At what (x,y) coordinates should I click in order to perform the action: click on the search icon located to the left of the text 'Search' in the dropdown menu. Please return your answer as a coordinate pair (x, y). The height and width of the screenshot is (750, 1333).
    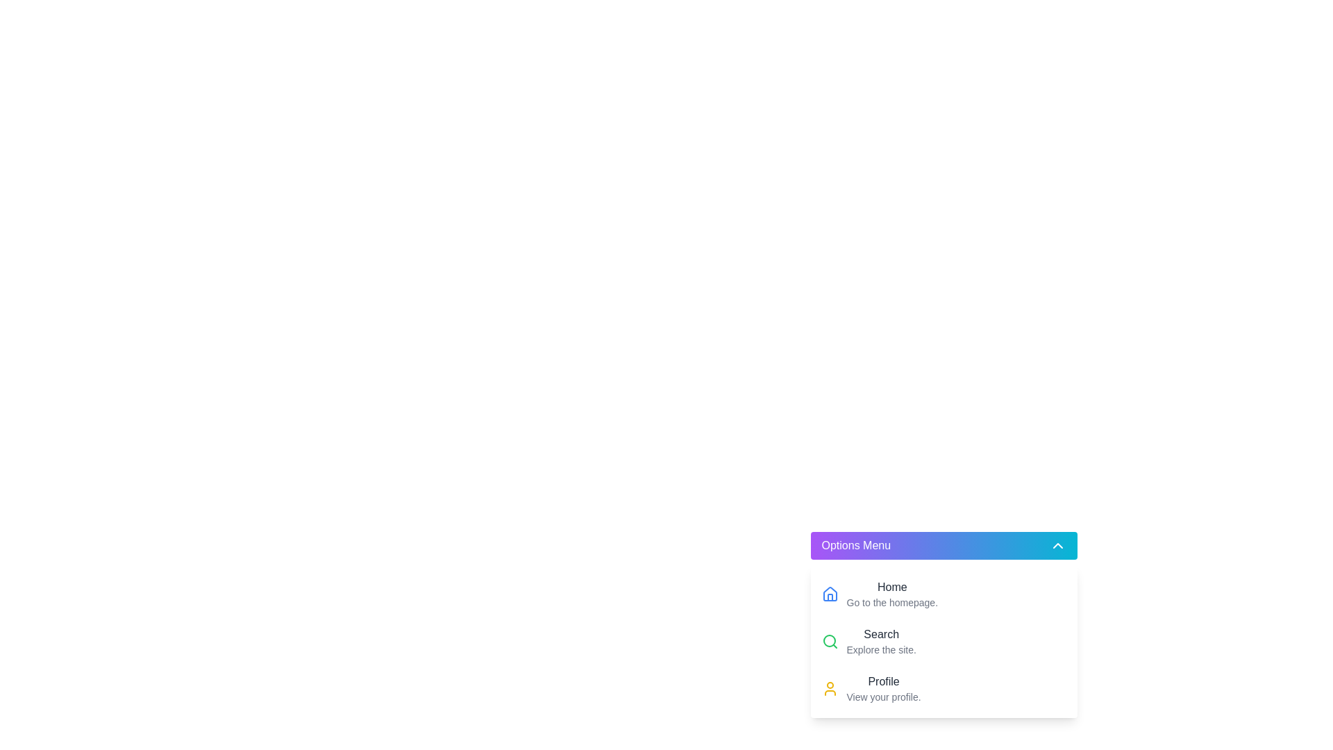
    Looking at the image, I should click on (830, 642).